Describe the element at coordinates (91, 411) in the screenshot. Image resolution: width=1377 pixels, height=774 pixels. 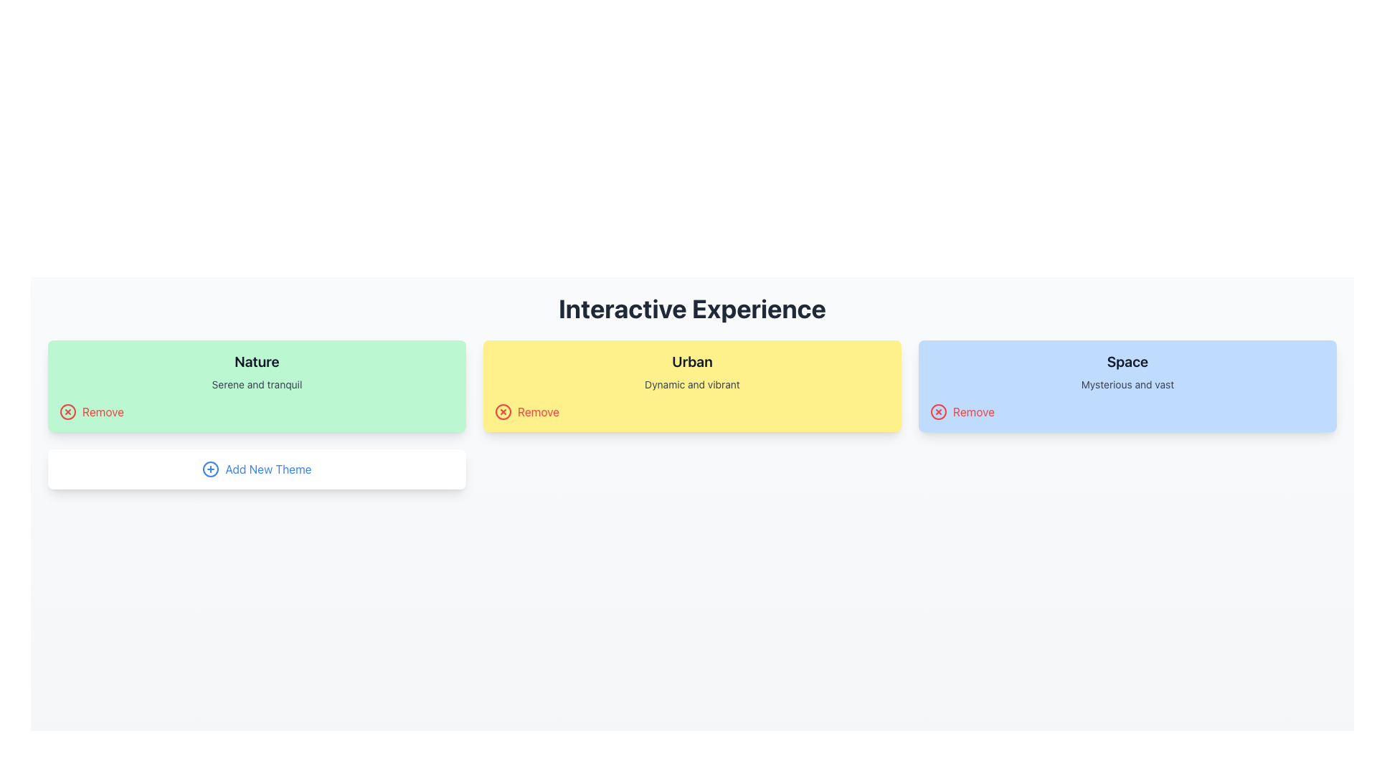
I see `the 'Remove' action button located at the bottom-left corner of the green card labeled 'Nature' with the subtitle 'Serene and tranquil' to change its color` at that location.